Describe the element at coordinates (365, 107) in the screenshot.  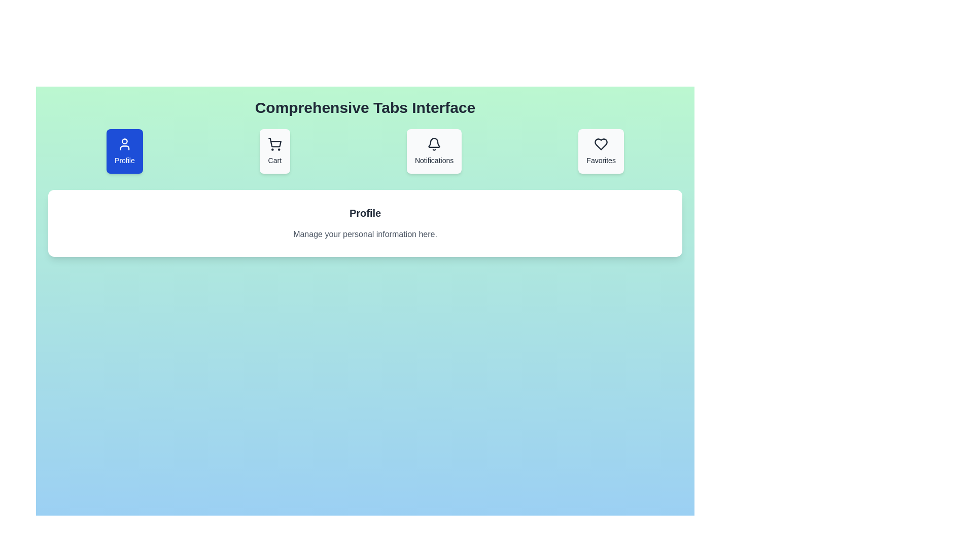
I see `the Text label that serves as a title or header for the interface, located at the top central area just below the header section` at that location.